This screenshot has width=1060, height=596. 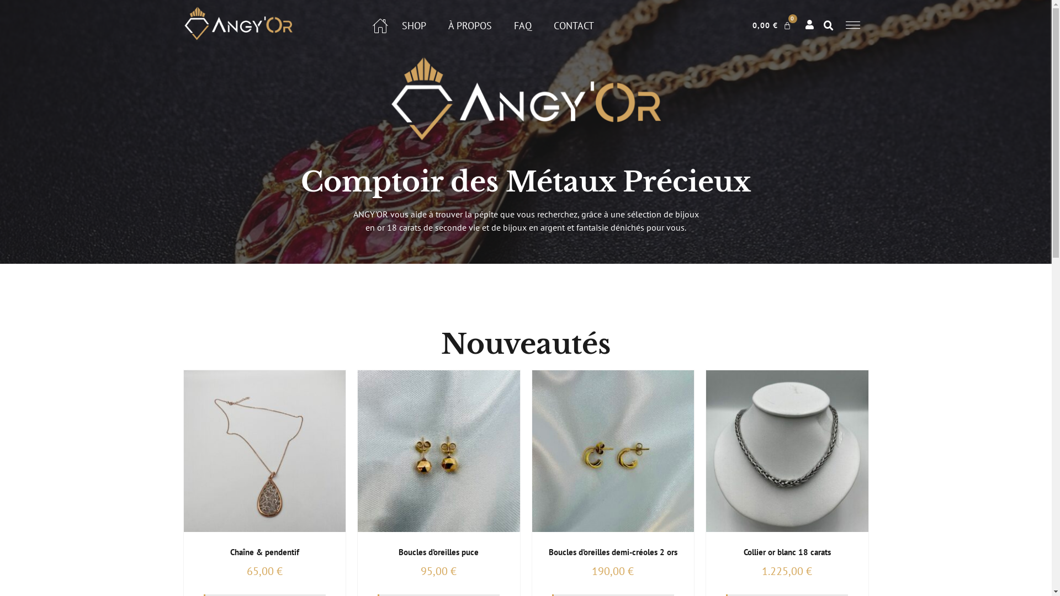 I want to click on 'FAQ', so click(x=522, y=25).